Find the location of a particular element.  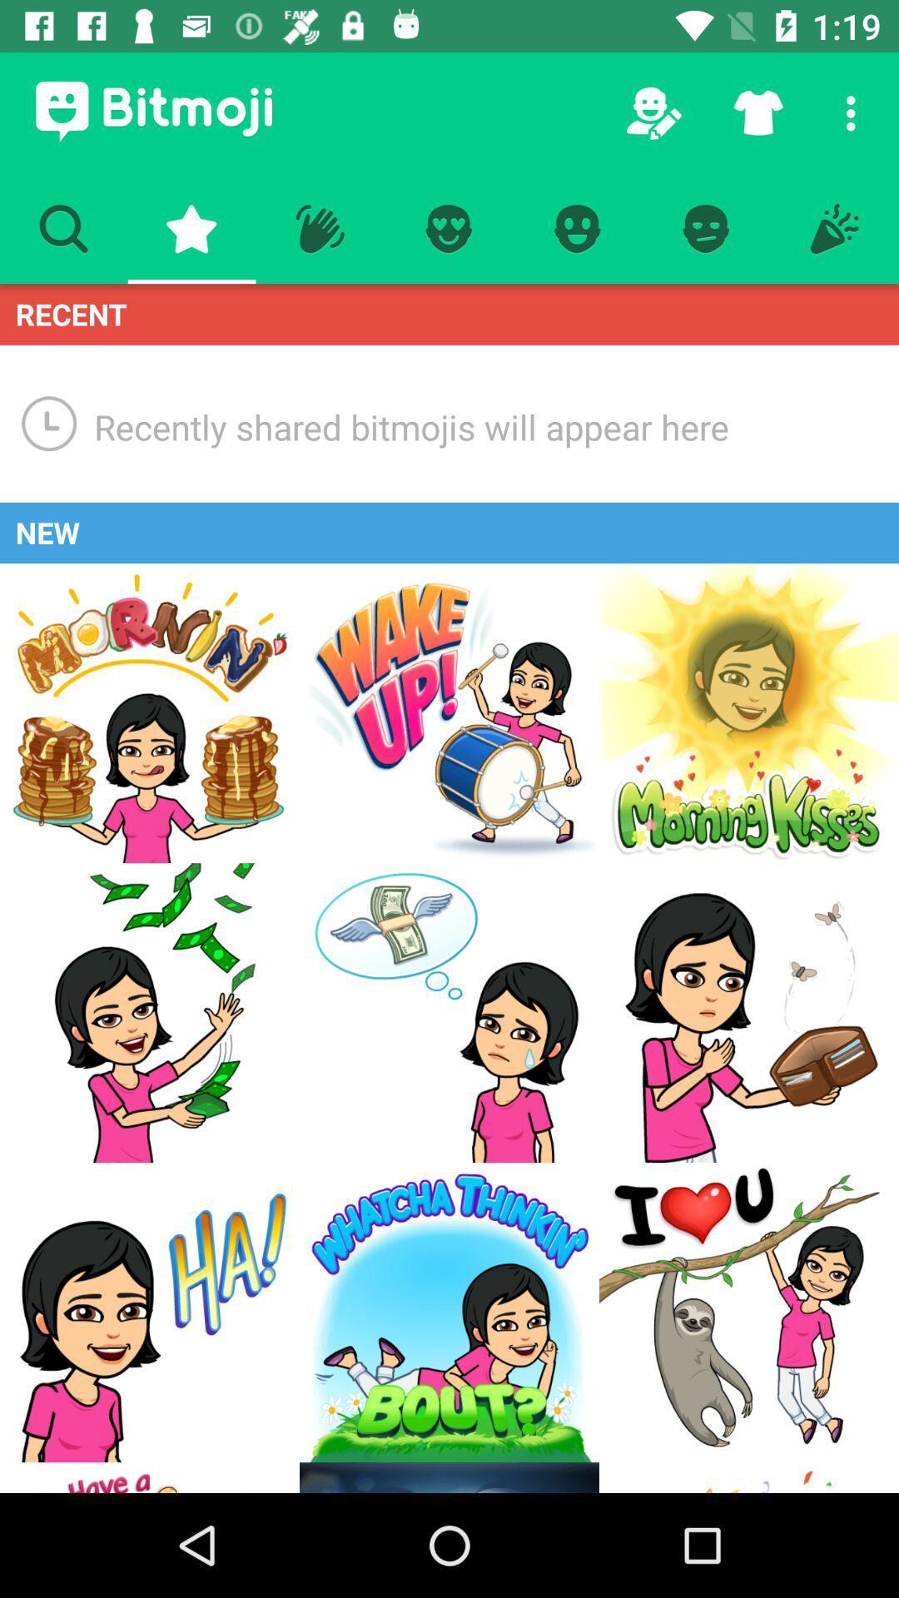

bitmoji is located at coordinates (748, 1312).